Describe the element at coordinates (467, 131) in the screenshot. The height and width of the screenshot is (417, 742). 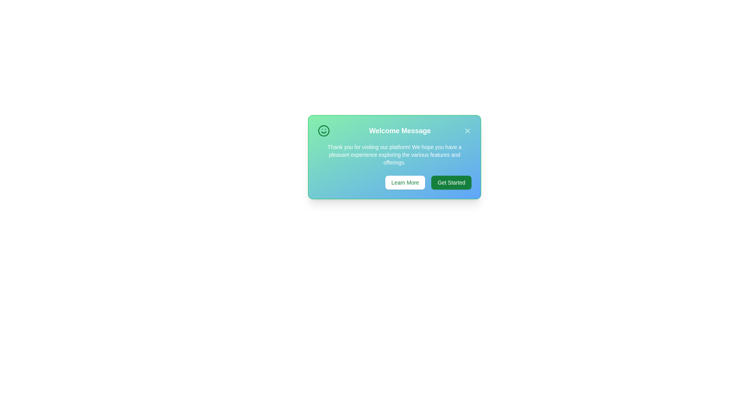
I see `the close button to dismiss the alert` at that location.